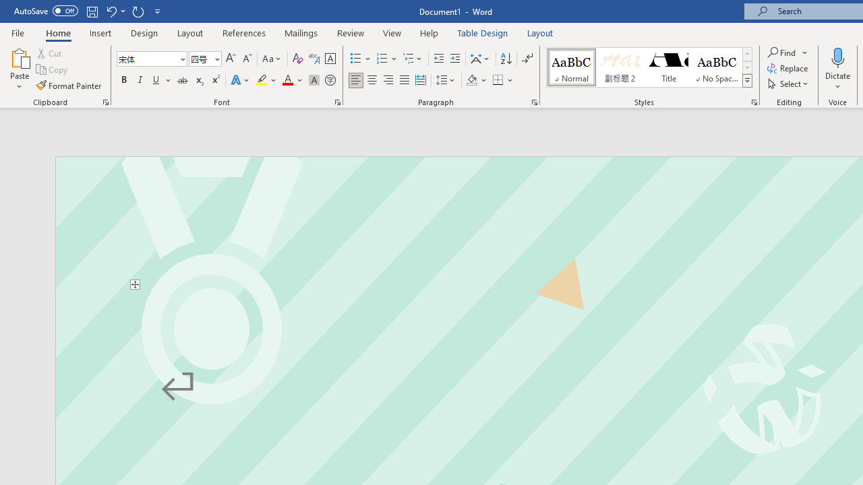 The height and width of the screenshot is (485, 863). Describe the element at coordinates (649, 67) in the screenshot. I see `'AutomationID: QuickStylesGallery'` at that location.